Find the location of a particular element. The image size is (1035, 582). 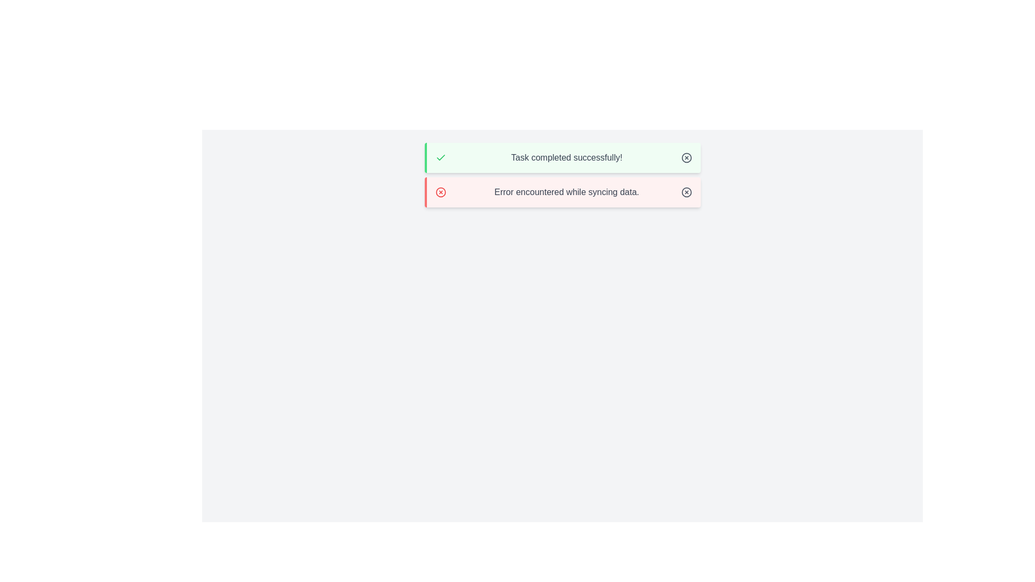

the SVG checkmark icon indicating successful task completion, located within the green notification panel next to the message 'Task completed successfully!' is located at coordinates (440, 157).